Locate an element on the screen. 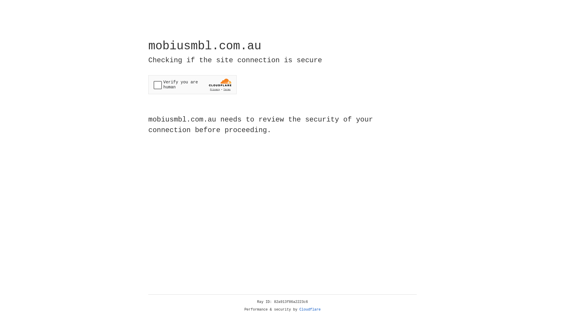 The height and width of the screenshot is (317, 565). 'Widget containing a Cloudflare security challenge' is located at coordinates (192, 85).